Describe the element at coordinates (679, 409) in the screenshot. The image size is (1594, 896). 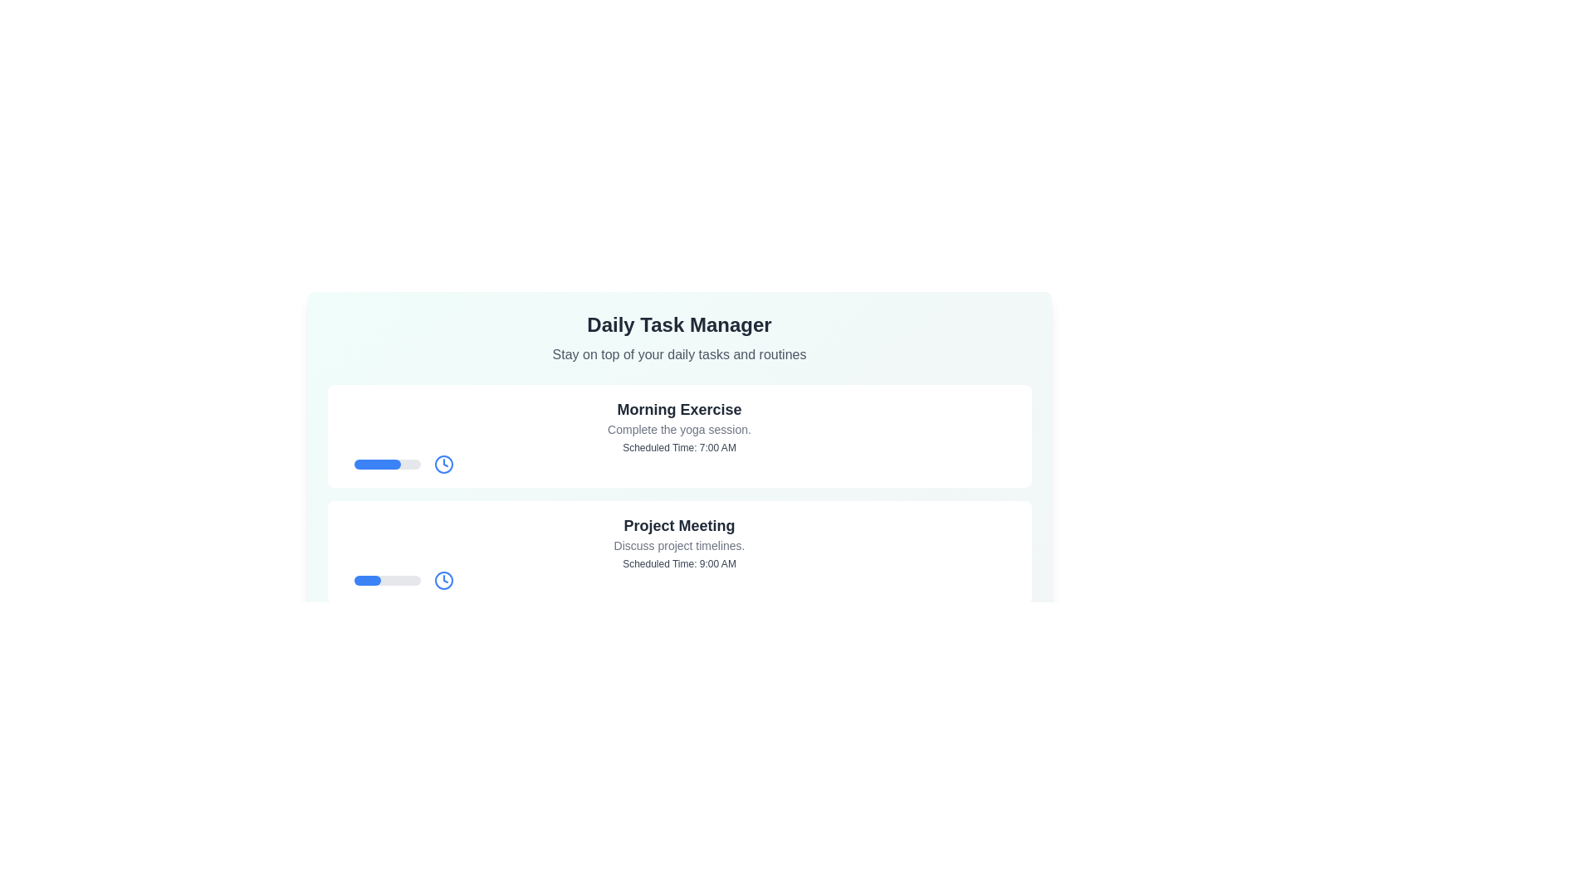
I see `the text label displaying 'Morning Exercise' which is bold and larger than surrounding text, located at the top of the segment with scheduling information` at that location.